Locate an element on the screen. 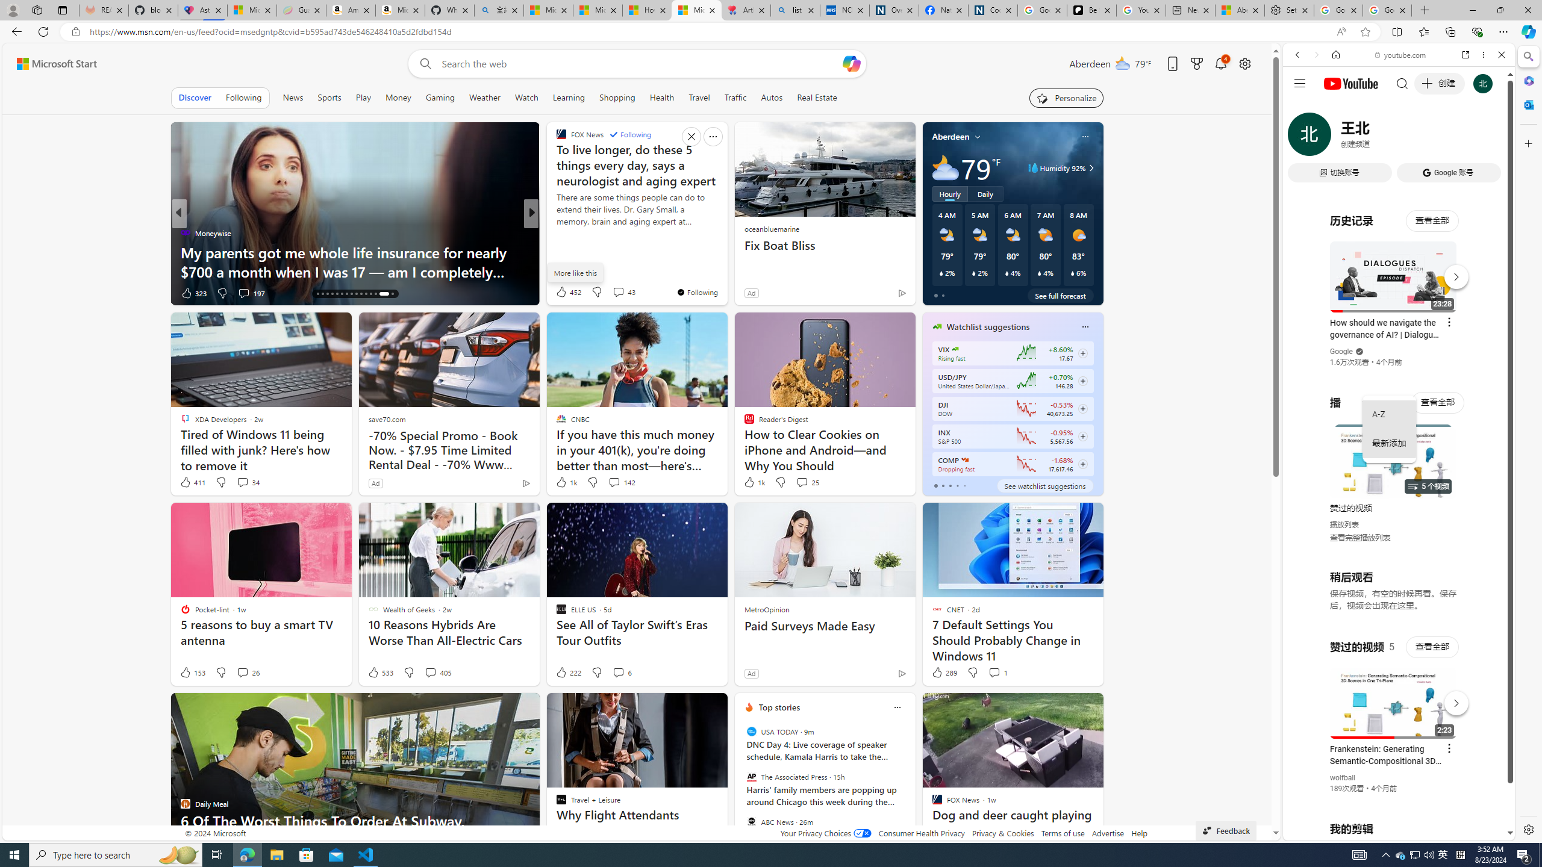 The width and height of the screenshot is (1542, 867). 'View comments 26 Comment' is located at coordinates (241, 673).